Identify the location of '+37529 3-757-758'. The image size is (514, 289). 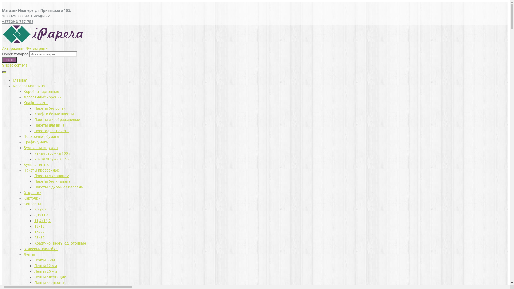
(18, 21).